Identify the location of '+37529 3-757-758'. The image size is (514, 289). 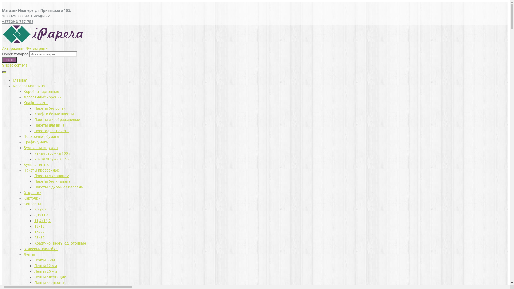
(18, 21).